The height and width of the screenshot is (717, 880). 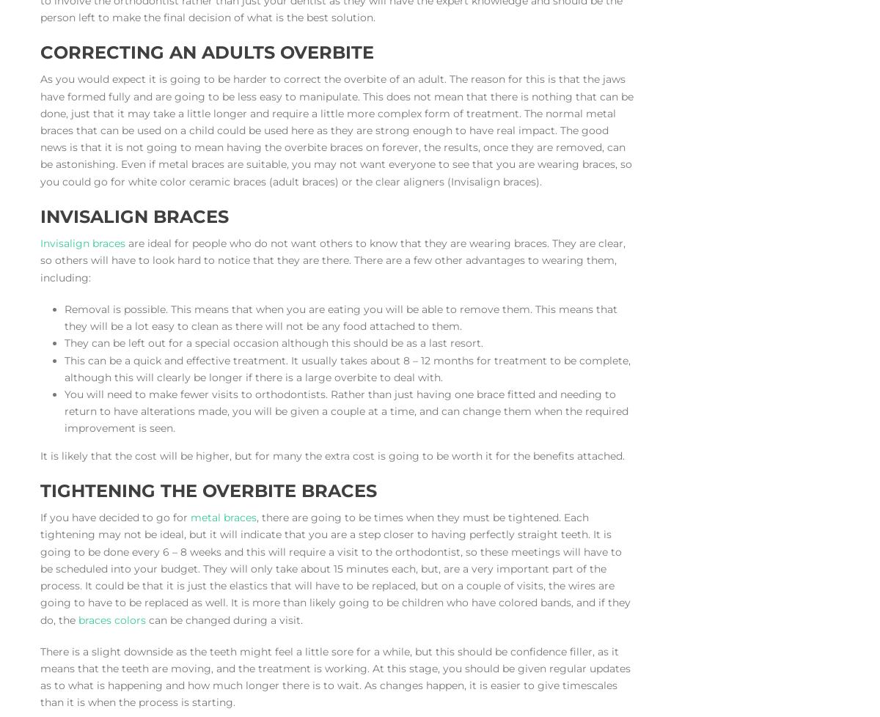 What do you see at coordinates (144, 618) in the screenshot?
I see `'can be changed during a visit.'` at bounding box center [144, 618].